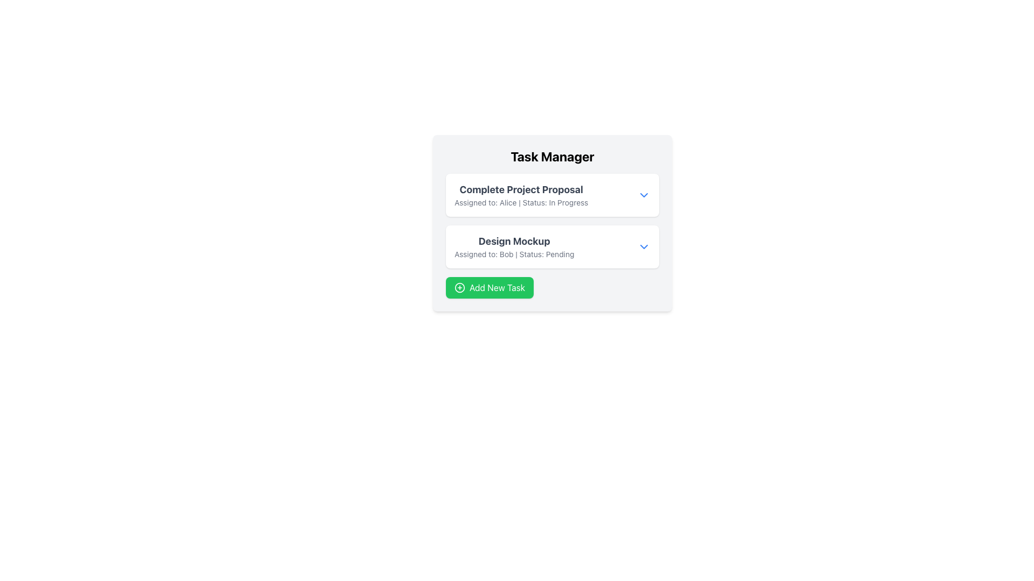  What do you see at coordinates (553, 195) in the screenshot?
I see `the task information card header element that displays the task title, assignee, and status, located at the top of the first visible card in the Task Manager interface` at bounding box center [553, 195].